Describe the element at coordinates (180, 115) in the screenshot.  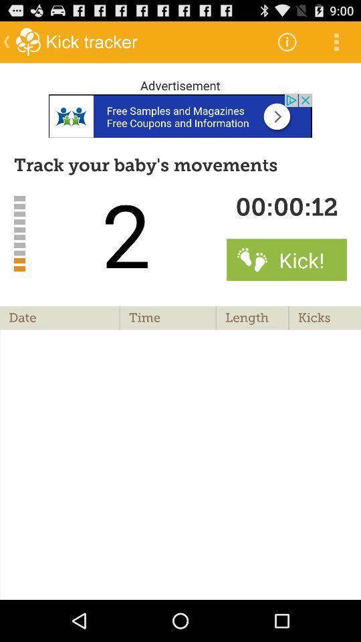
I see `advertisement` at that location.